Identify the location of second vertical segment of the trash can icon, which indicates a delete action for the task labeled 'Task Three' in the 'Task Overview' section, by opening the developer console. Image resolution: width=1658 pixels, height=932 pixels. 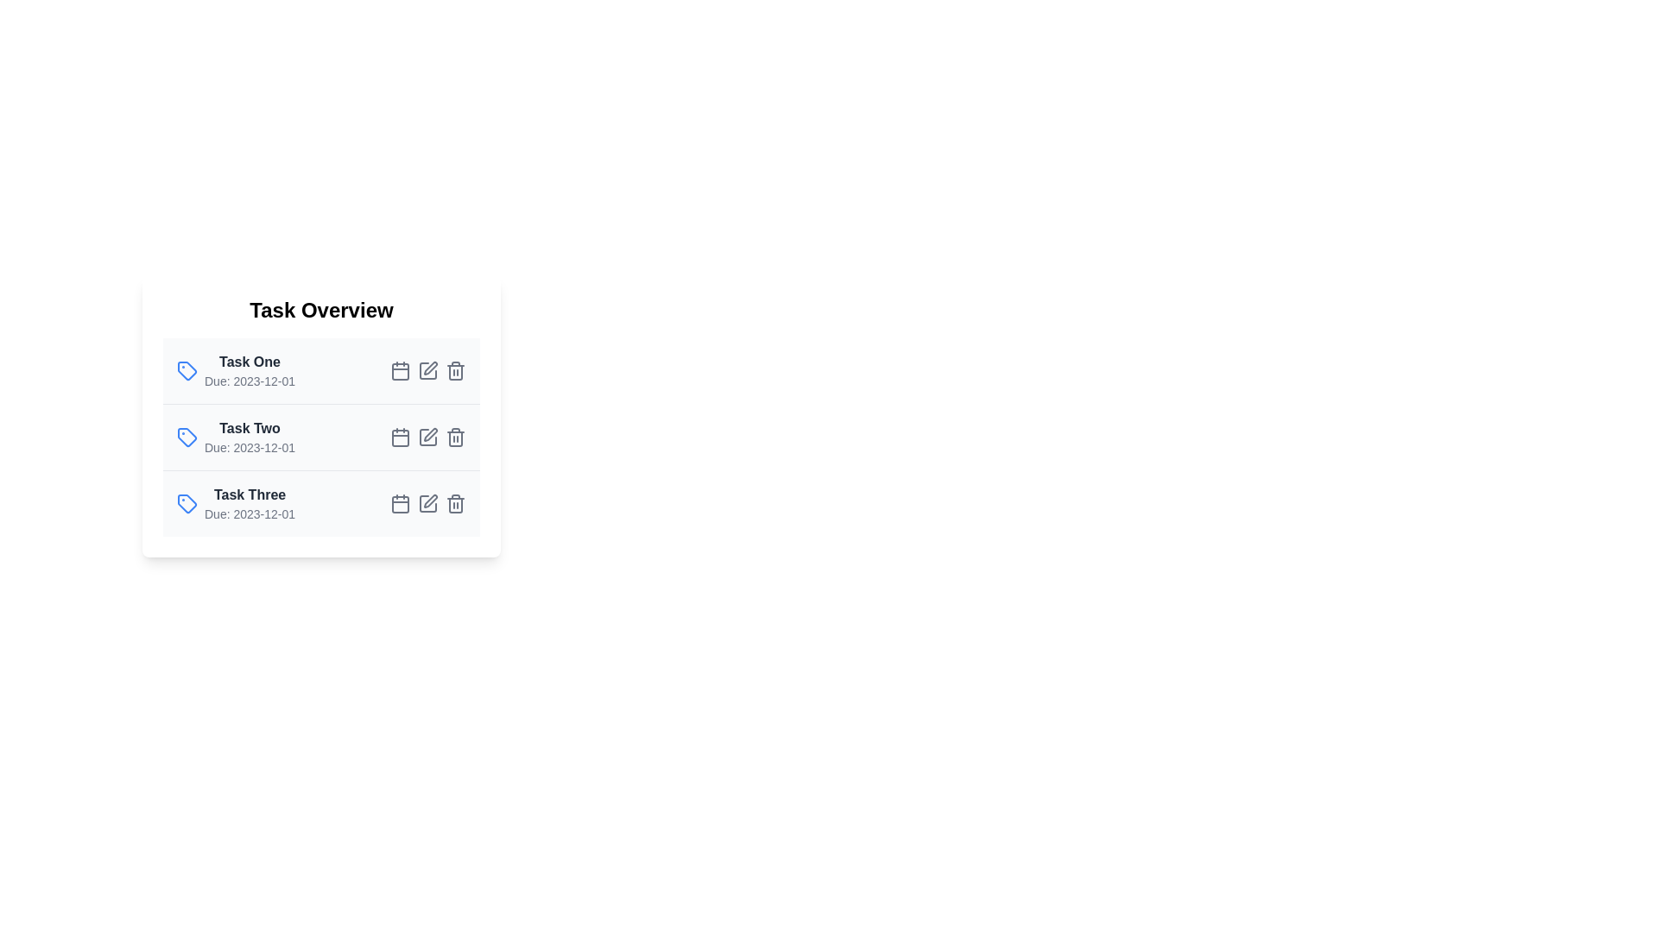
(456, 505).